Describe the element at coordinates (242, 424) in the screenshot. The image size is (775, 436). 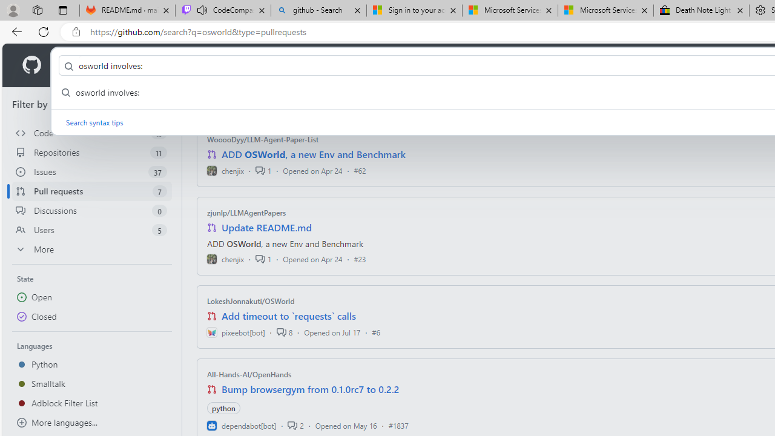
I see `'dependabot[bot]'` at that location.